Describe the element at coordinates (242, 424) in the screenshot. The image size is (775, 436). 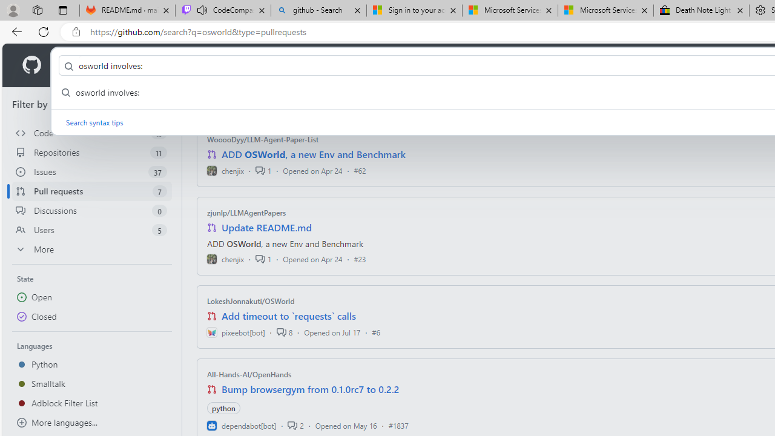
I see `'dependabot[bot]'` at that location.